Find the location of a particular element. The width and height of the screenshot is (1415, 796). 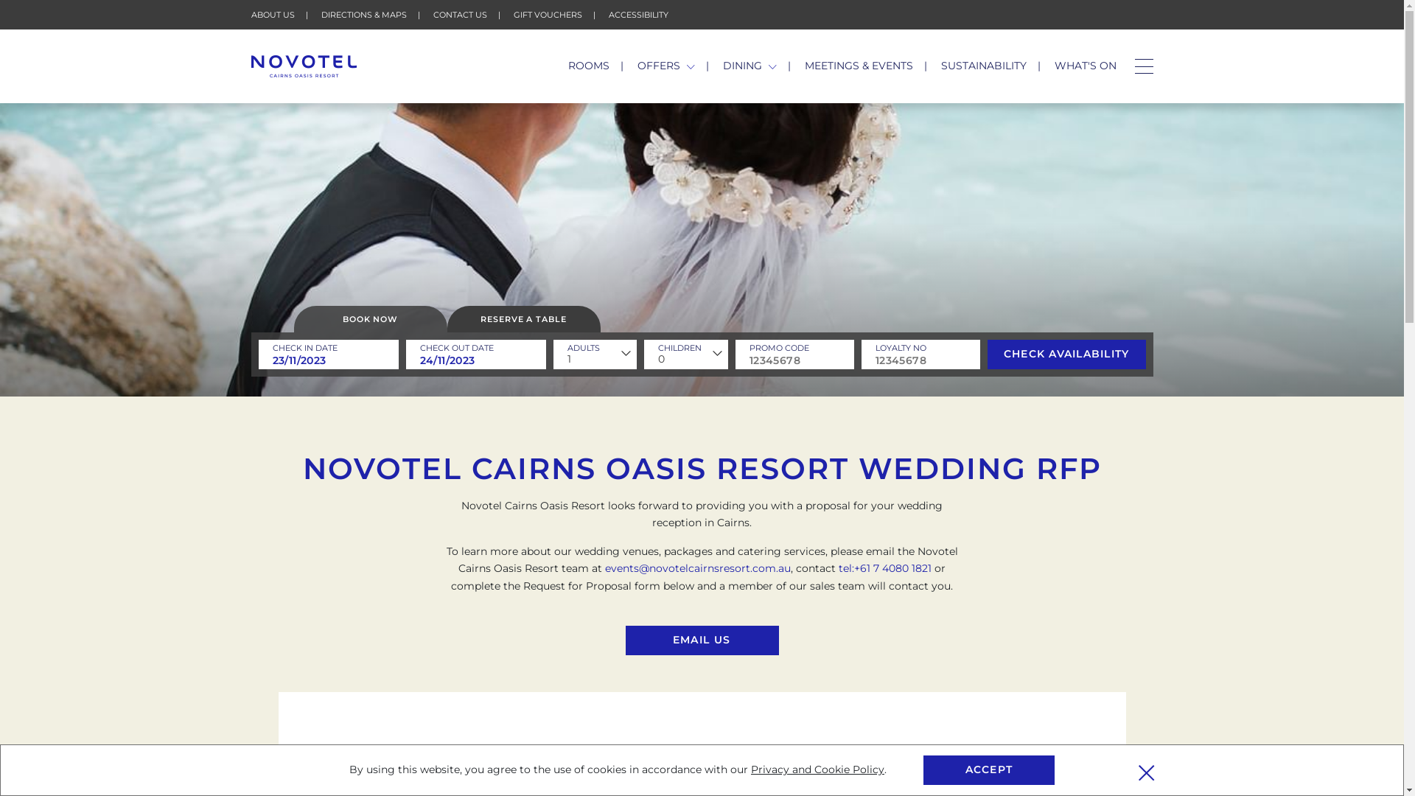

'ACCESSIBILITY is located at coordinates (638, 14).